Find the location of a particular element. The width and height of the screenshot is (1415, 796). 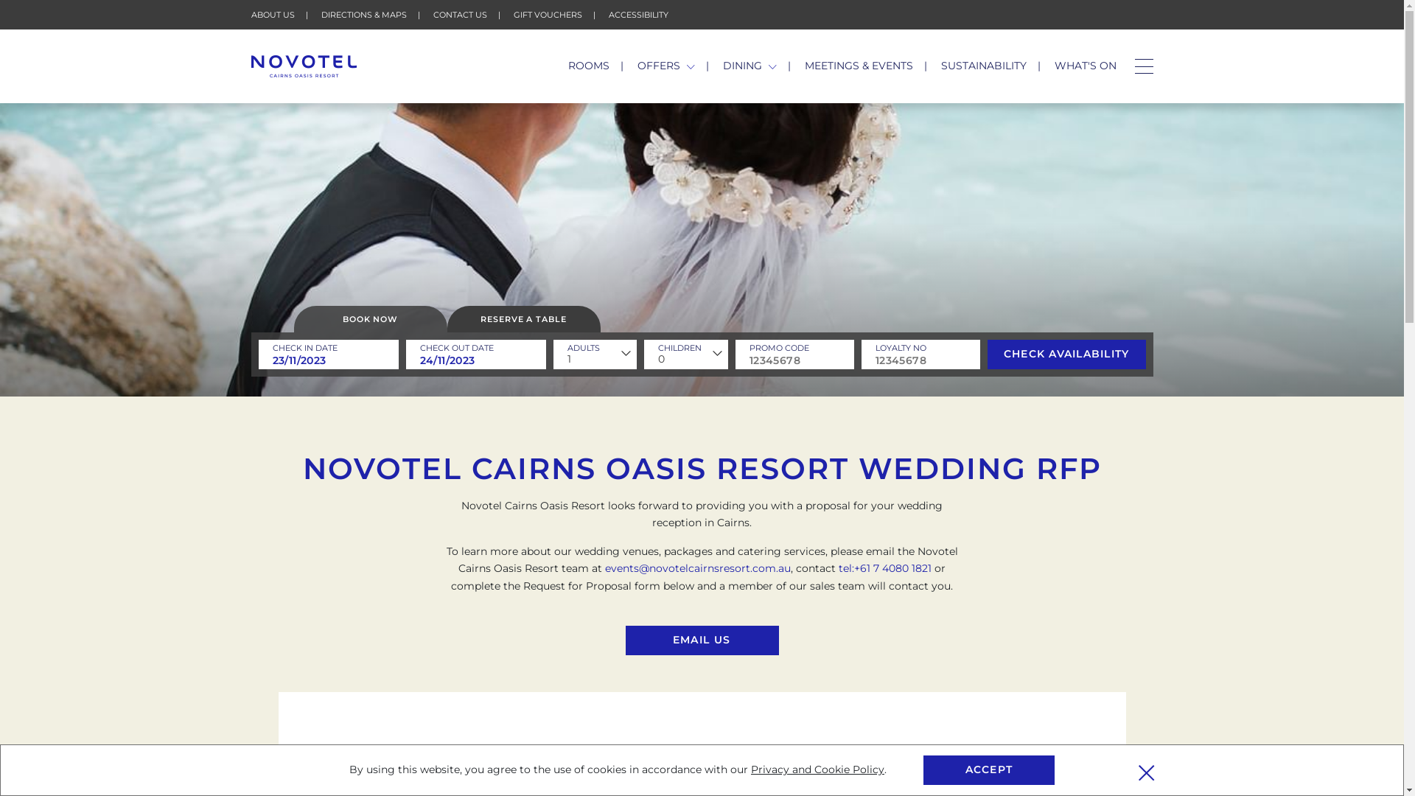

'ACCESSIBILITY is located at coordinates (638, 14).